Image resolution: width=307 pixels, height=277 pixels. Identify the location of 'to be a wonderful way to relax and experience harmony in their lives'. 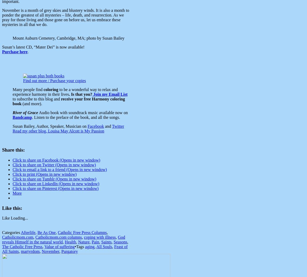
(13, 91).